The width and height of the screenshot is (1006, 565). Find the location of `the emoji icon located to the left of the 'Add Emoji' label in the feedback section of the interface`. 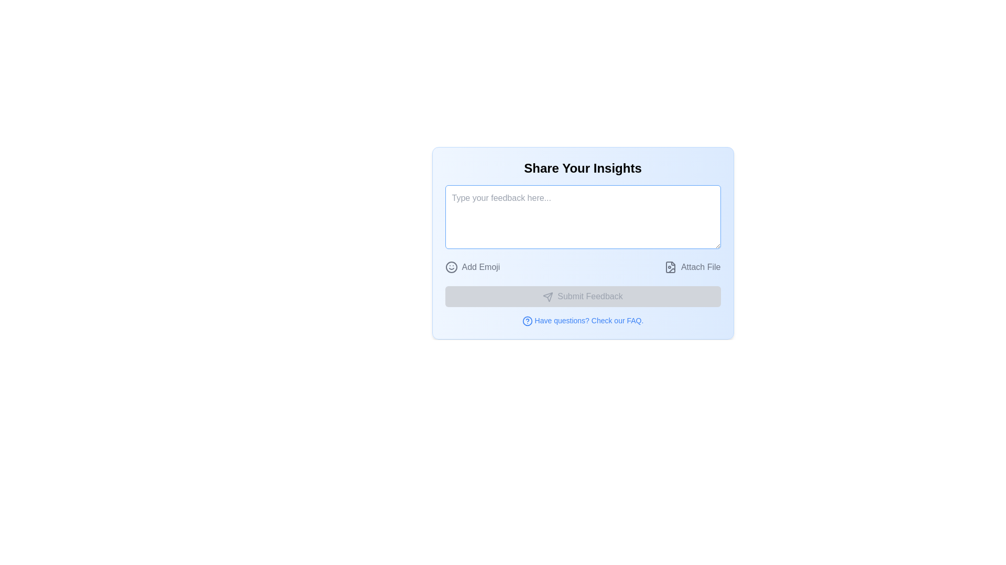

the emoji icon located to the left of the 'Add Emoji' label in the feedback section of the interface is located at coordinates (451, 266).